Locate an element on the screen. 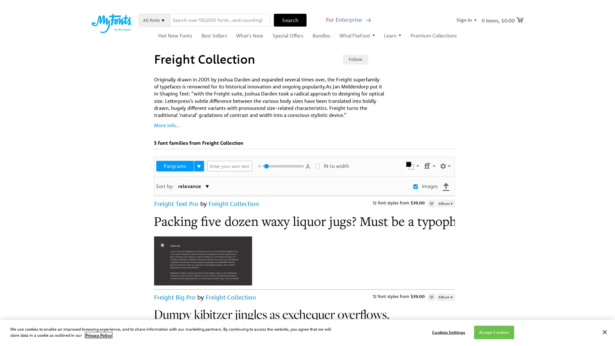 The width and height of the screenshot is (615, 346). Close is located at coordinates (604, 332).